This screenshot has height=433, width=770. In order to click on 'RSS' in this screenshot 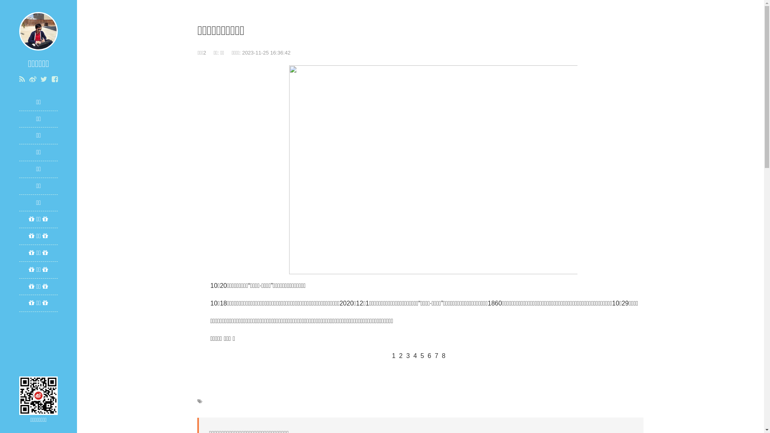, I will do `click(22, 79)`.